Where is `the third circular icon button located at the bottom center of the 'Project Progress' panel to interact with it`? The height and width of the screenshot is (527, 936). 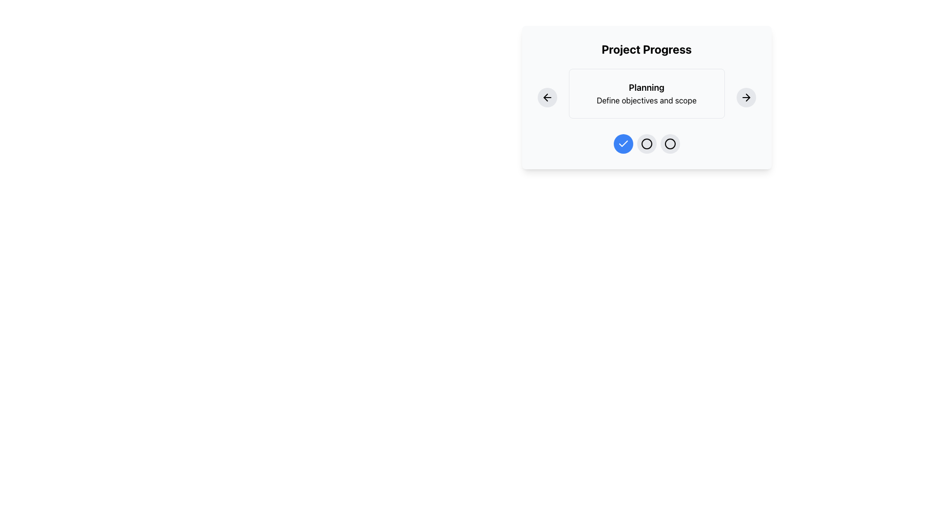
the third circular icon button located at the bottom center of the 'Project Progress' panel to interact with it is located at coordinates (669, 143).